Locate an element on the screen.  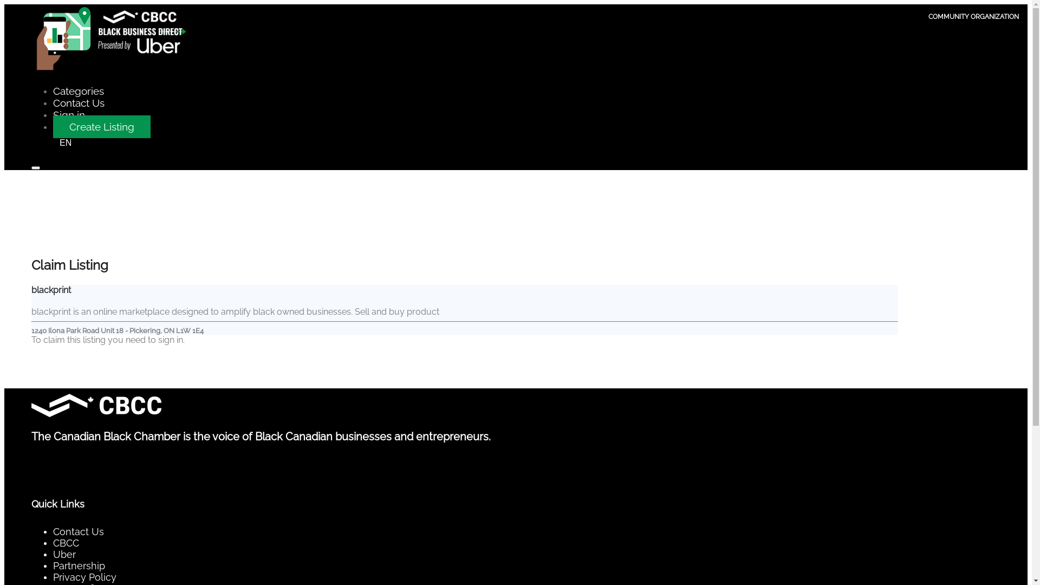
'blackprint' is located at coordinates (50, 289).